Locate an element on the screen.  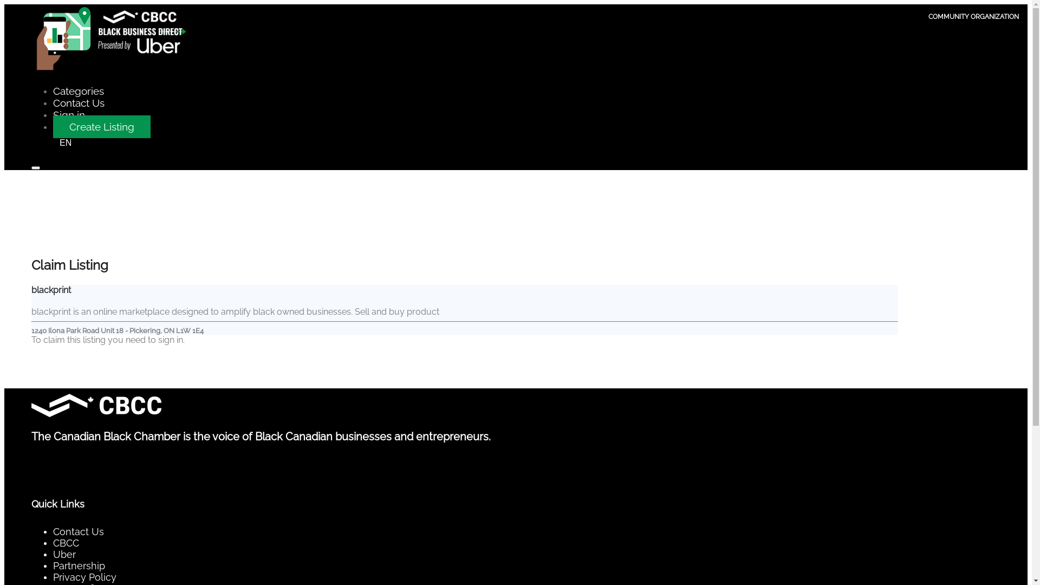
'blackprint' is located at coordinates (50, 289).